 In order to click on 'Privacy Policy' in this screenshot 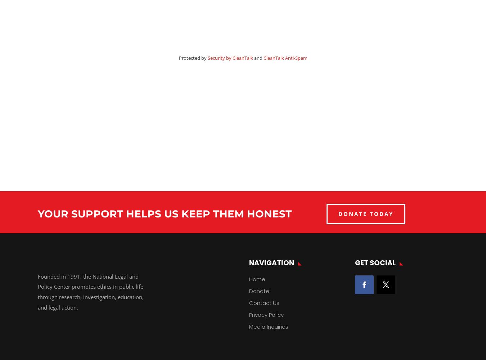, I will do `click(249, 314)`.